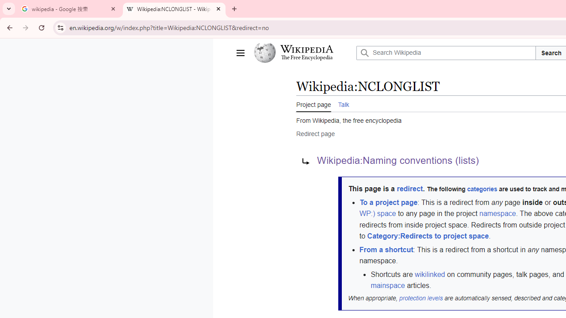 The image size is (566, 318). I want to click on 'New Tab', so click(234, 9).